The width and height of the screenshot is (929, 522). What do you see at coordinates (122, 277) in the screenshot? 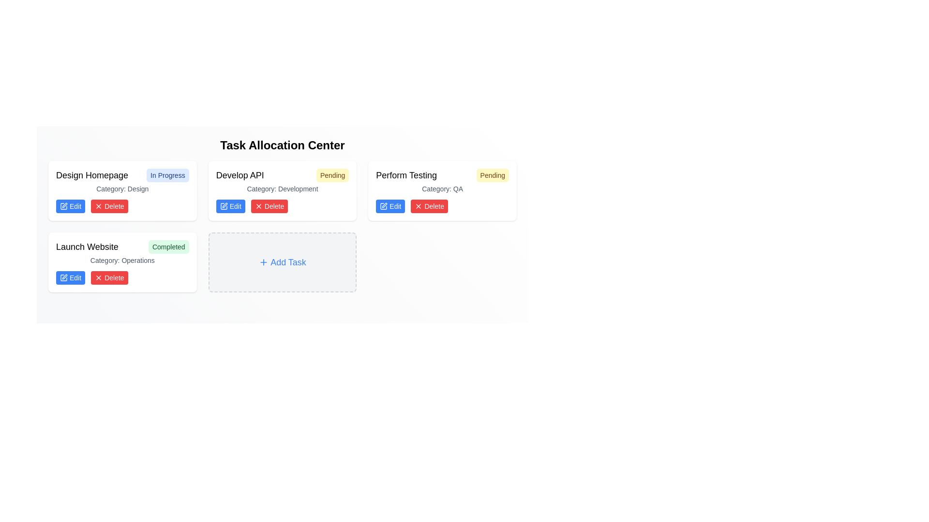
I see `the red 'Delete' button located at the bottom of the 'Launch Website' task card` at bounding box center [122, 277].